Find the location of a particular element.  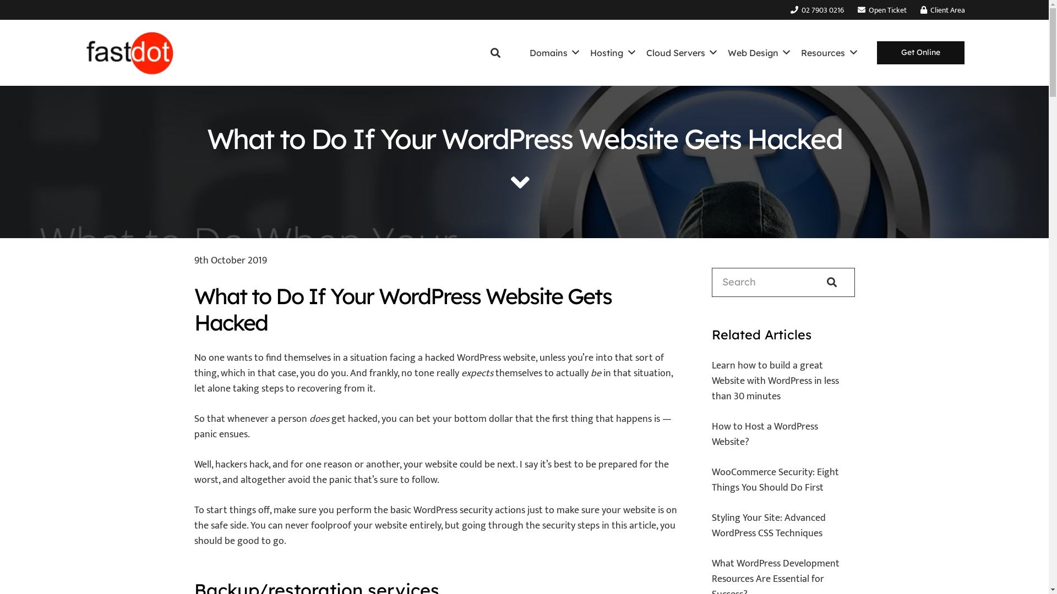

'Cloud Servers' is located at coordinates (640, 53).